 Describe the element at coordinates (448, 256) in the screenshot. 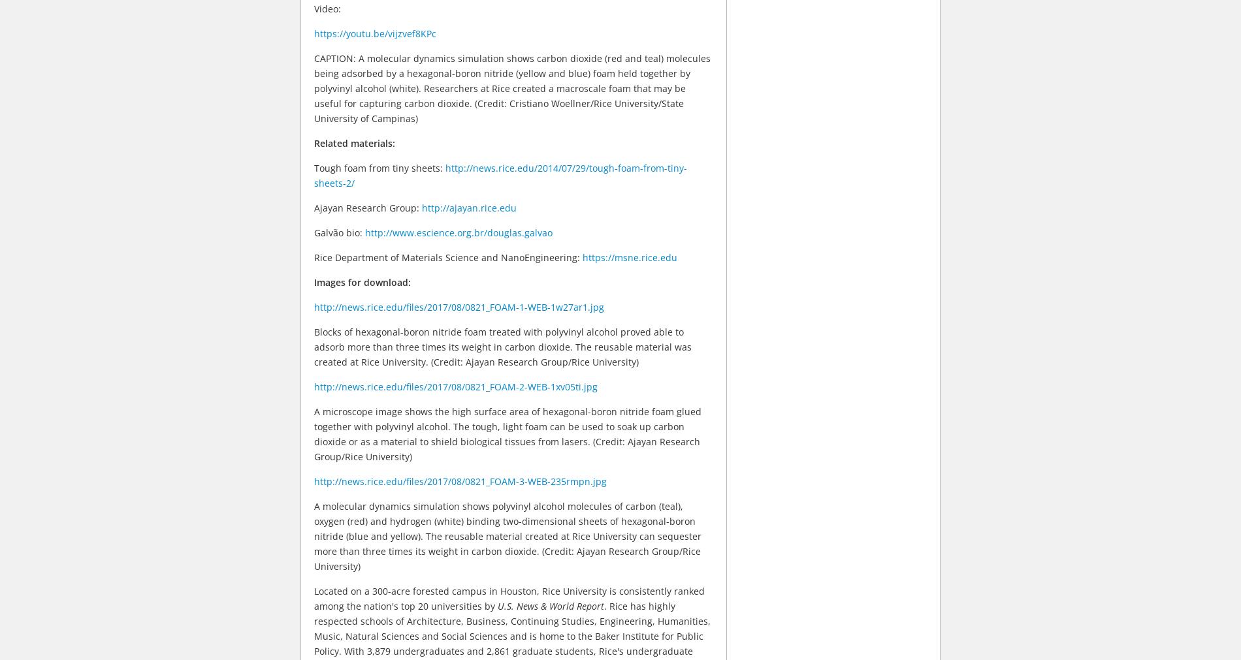

I see `'Rice Department of Materials Science and NanoEngineering:'` at that location.